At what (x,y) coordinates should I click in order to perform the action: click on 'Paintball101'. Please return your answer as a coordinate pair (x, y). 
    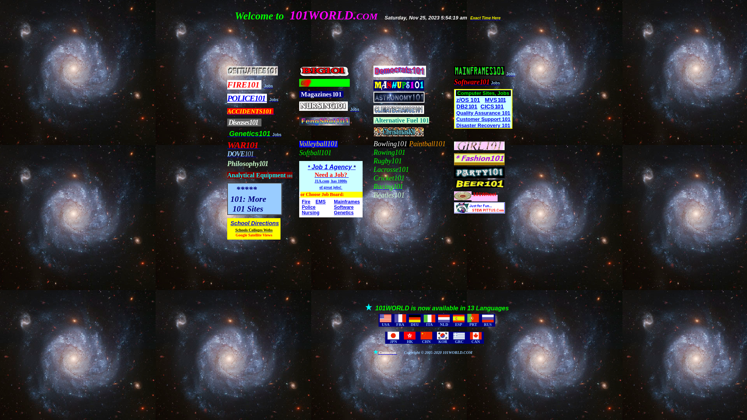
    Looking at the image, I should click on (427, 144).